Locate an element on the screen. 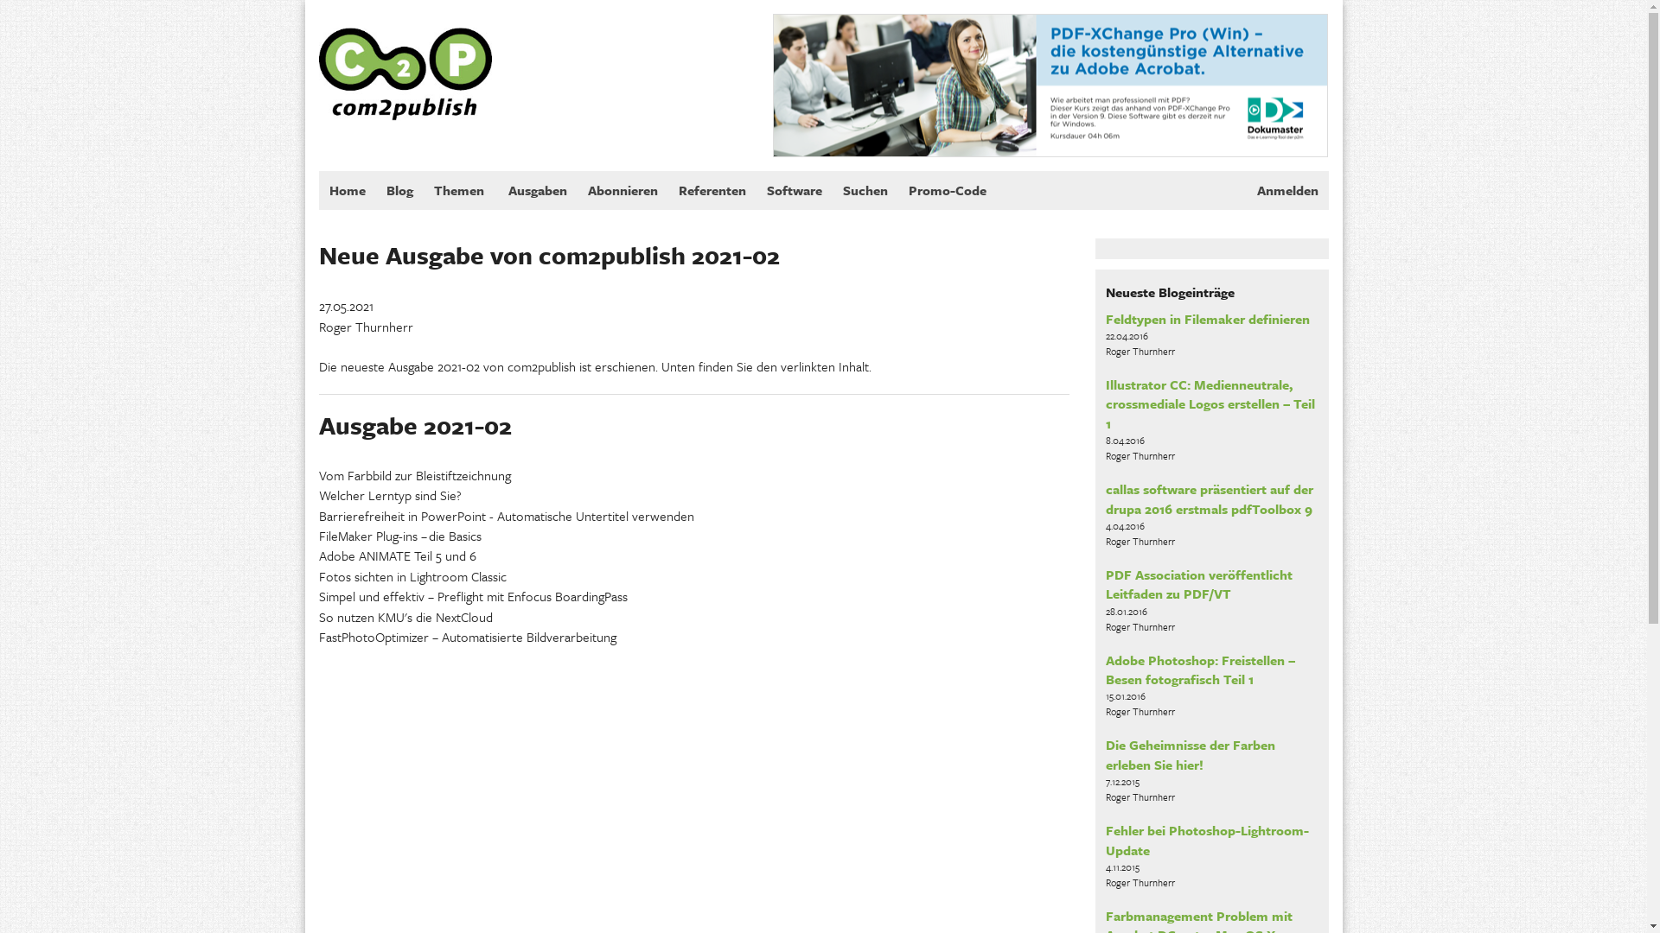  'com2publish Startseite' is located at coordinates (404, 58).